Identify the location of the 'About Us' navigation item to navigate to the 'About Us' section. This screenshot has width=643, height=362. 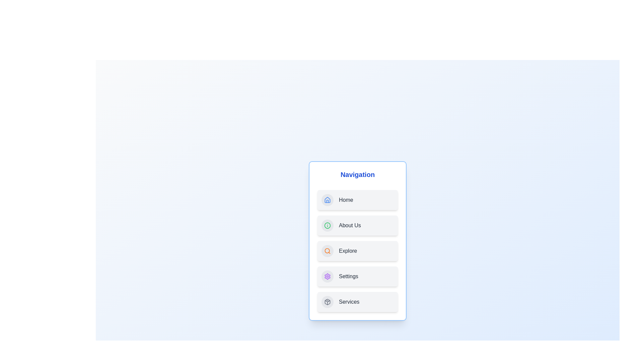
(357, 225).